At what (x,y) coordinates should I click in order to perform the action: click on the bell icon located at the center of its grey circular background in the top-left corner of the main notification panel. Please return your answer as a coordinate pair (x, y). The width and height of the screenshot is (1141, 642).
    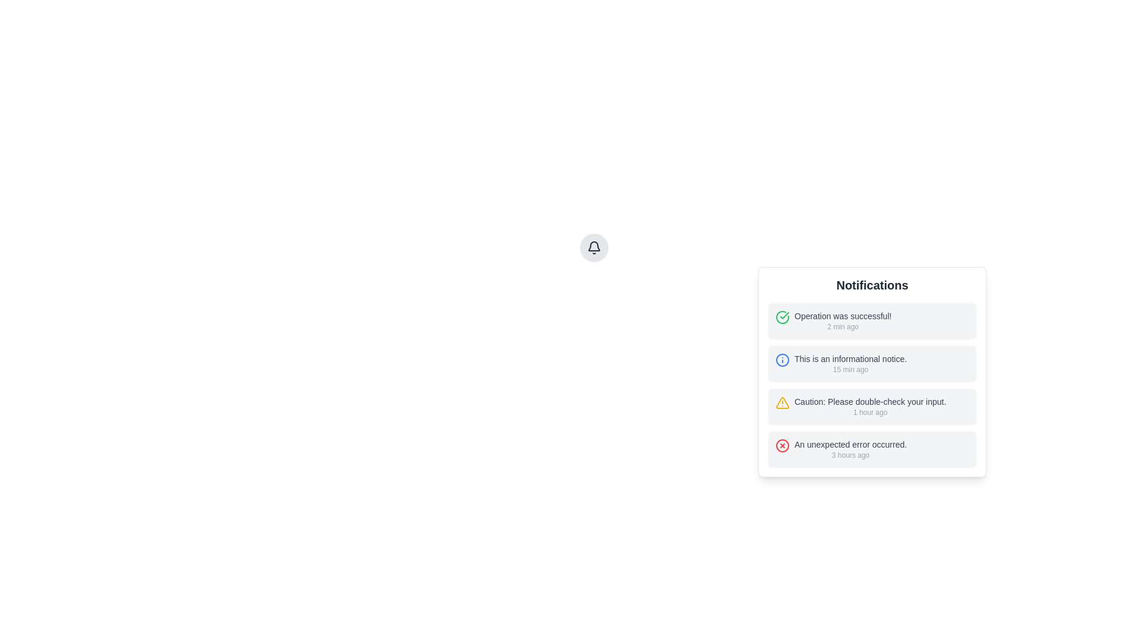
    Looking at the image, I should click on (594, 247).